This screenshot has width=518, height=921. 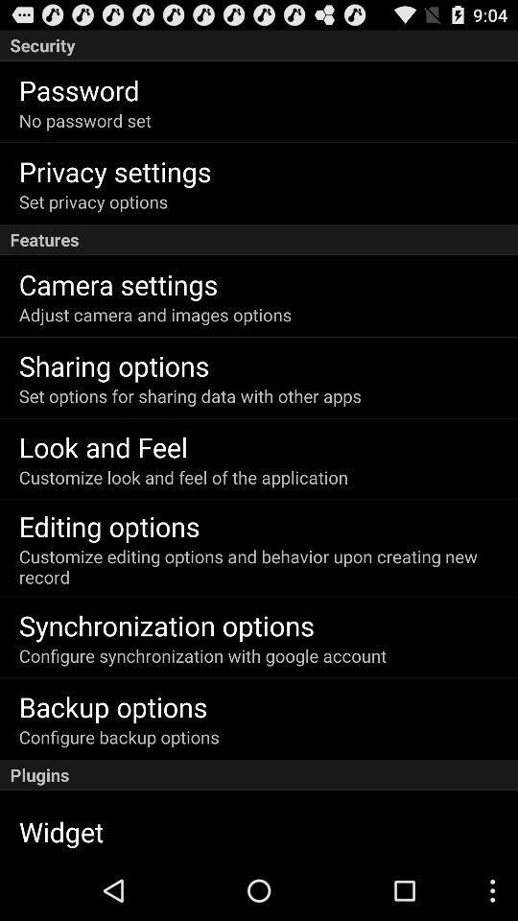 I want to click on the features app, so click(x=259, y=239).